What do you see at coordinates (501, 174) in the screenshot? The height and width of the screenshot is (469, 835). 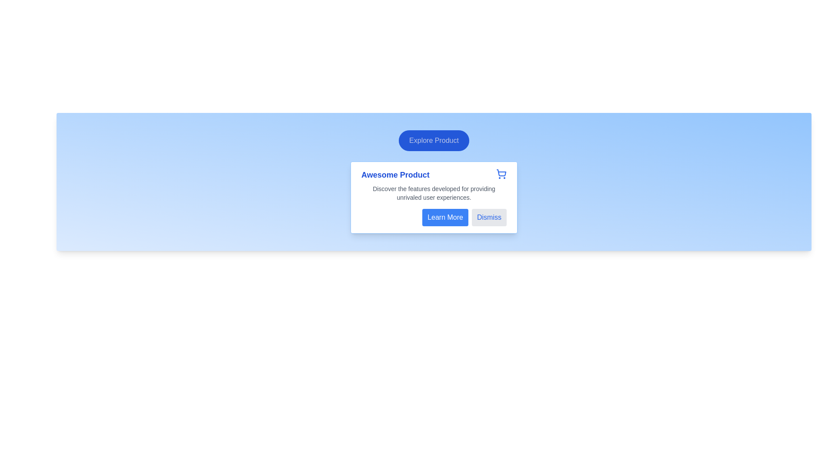 I see `the shopping cart icon located in the top-right corner of the product details card` at bounding box center [501, 174].